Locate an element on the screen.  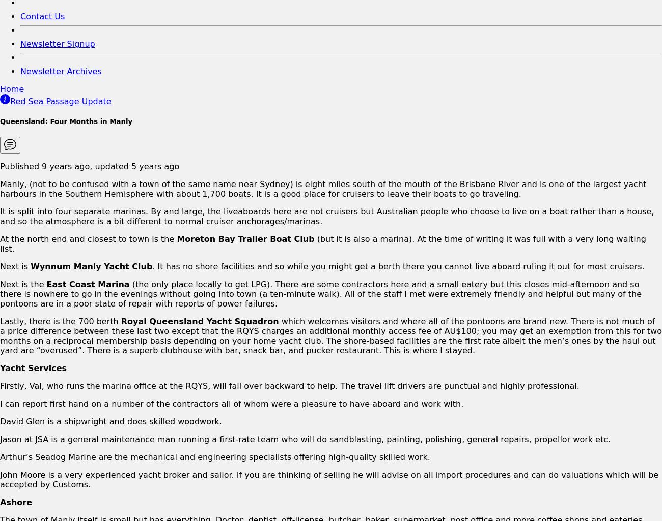
'Ashore' is located at coordinates (0, 501).